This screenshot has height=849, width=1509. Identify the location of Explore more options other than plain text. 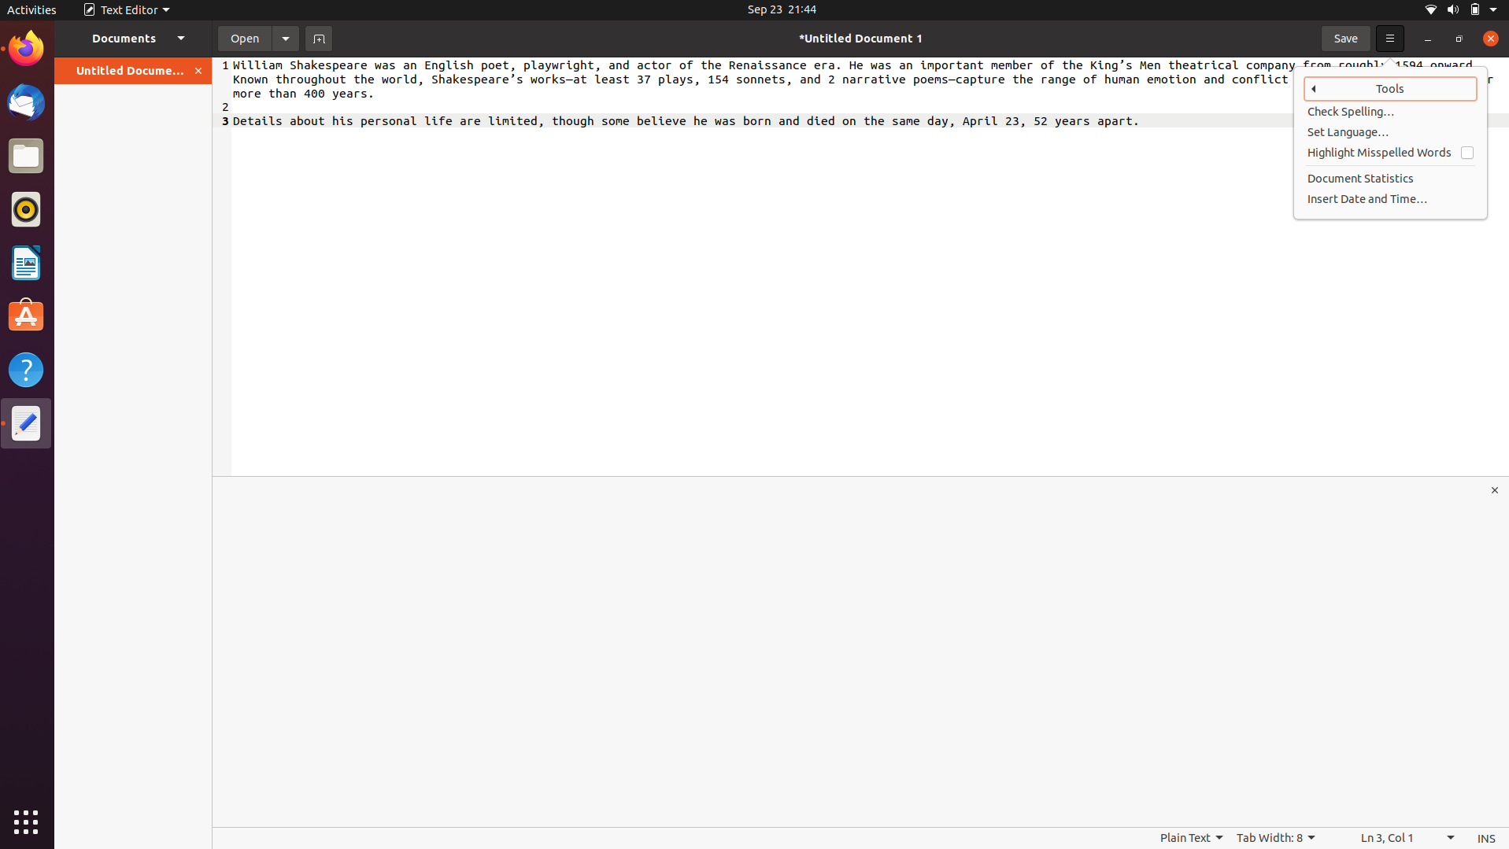
(1190, 838).